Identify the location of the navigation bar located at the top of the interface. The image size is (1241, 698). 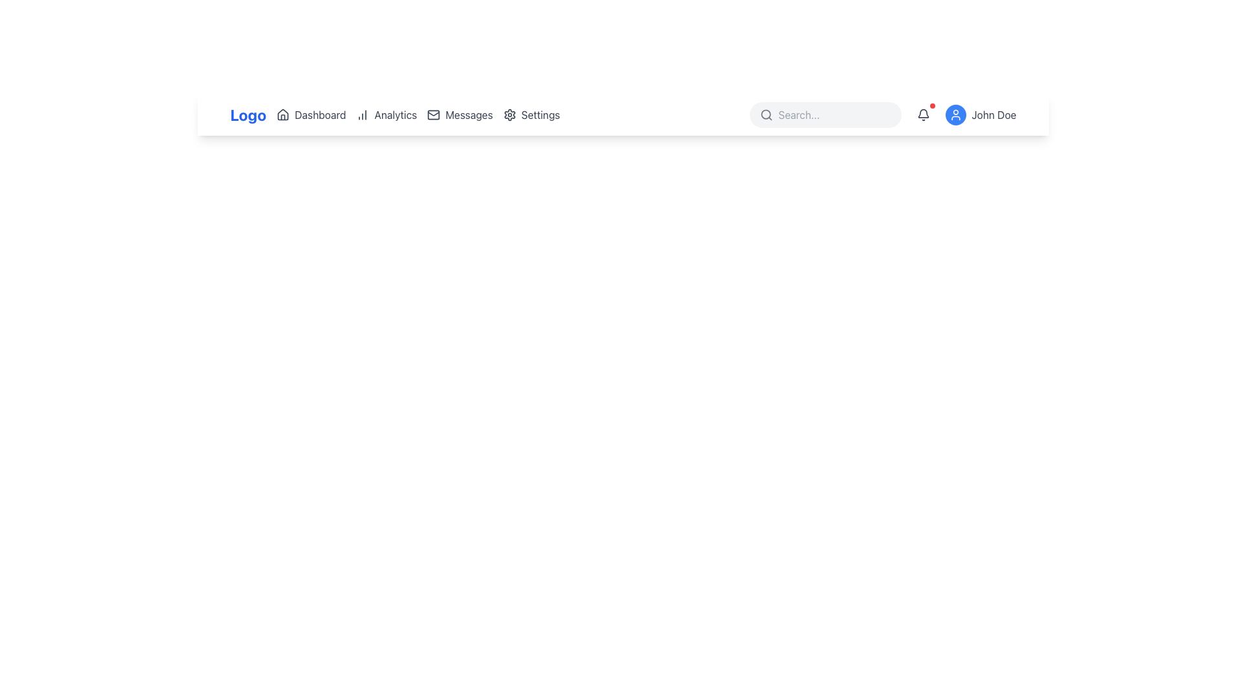
(623, 114).